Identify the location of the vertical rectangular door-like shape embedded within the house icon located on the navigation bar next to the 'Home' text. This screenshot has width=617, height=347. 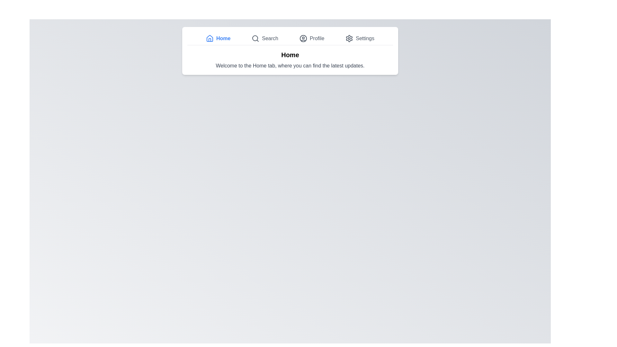
(210, 40).